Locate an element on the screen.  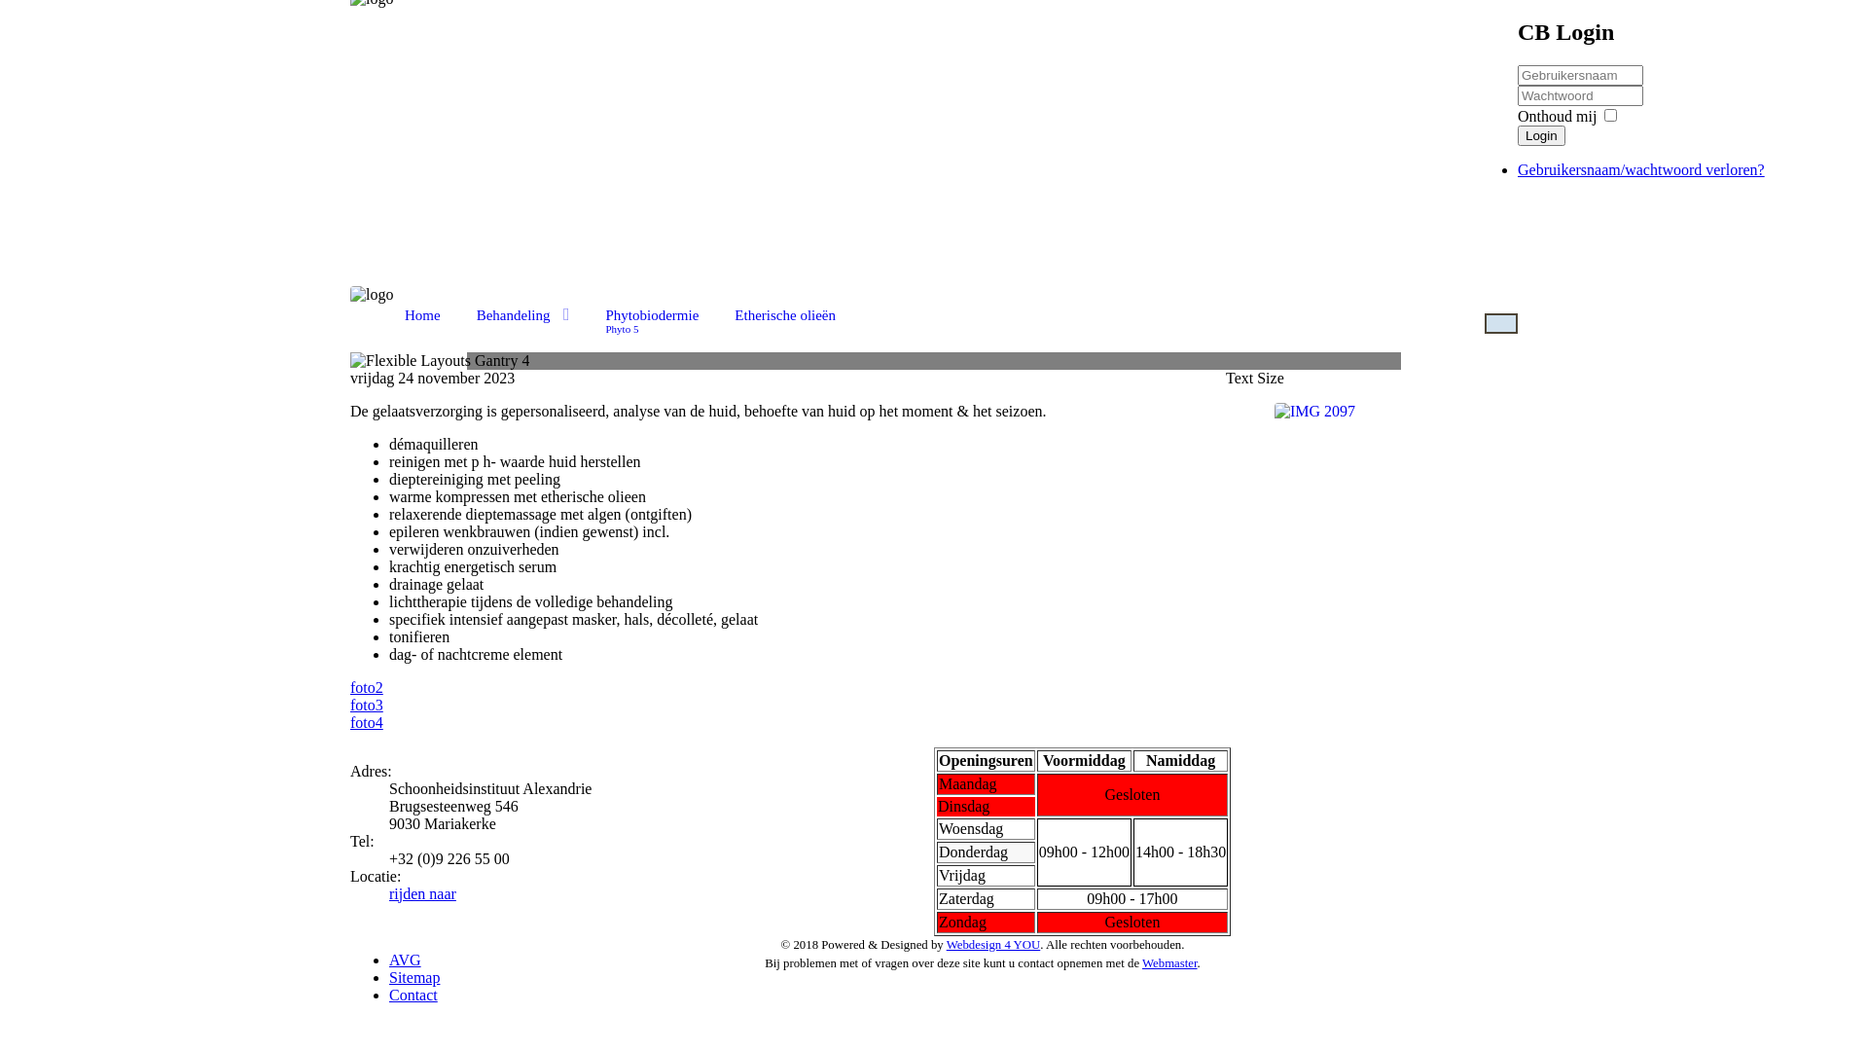
'Login' is located at coordinates (1540, 134).